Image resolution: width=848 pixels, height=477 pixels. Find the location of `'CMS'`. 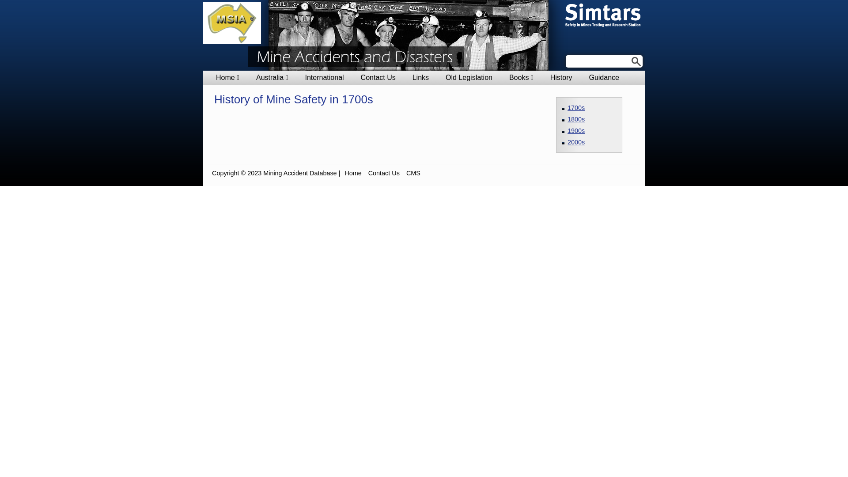

'CMS' is located at coordinates (413, 173).